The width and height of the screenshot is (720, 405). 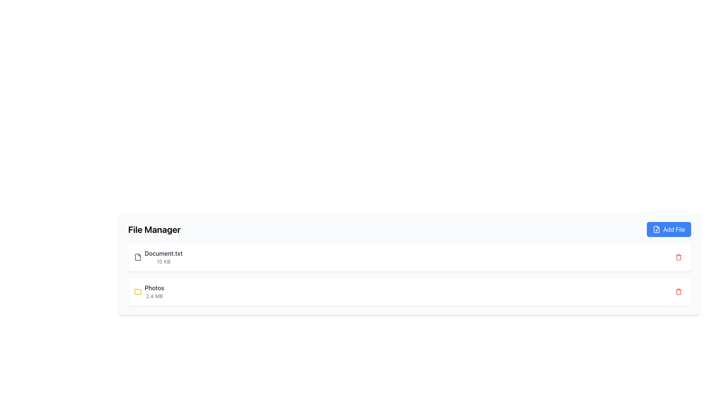 I want to click on the 'Add File' label, which is located in the top-right corner of the interface above the file list, within a blue rounded button that includes a file icon with a plus symbol, so click(x=674, y=229).